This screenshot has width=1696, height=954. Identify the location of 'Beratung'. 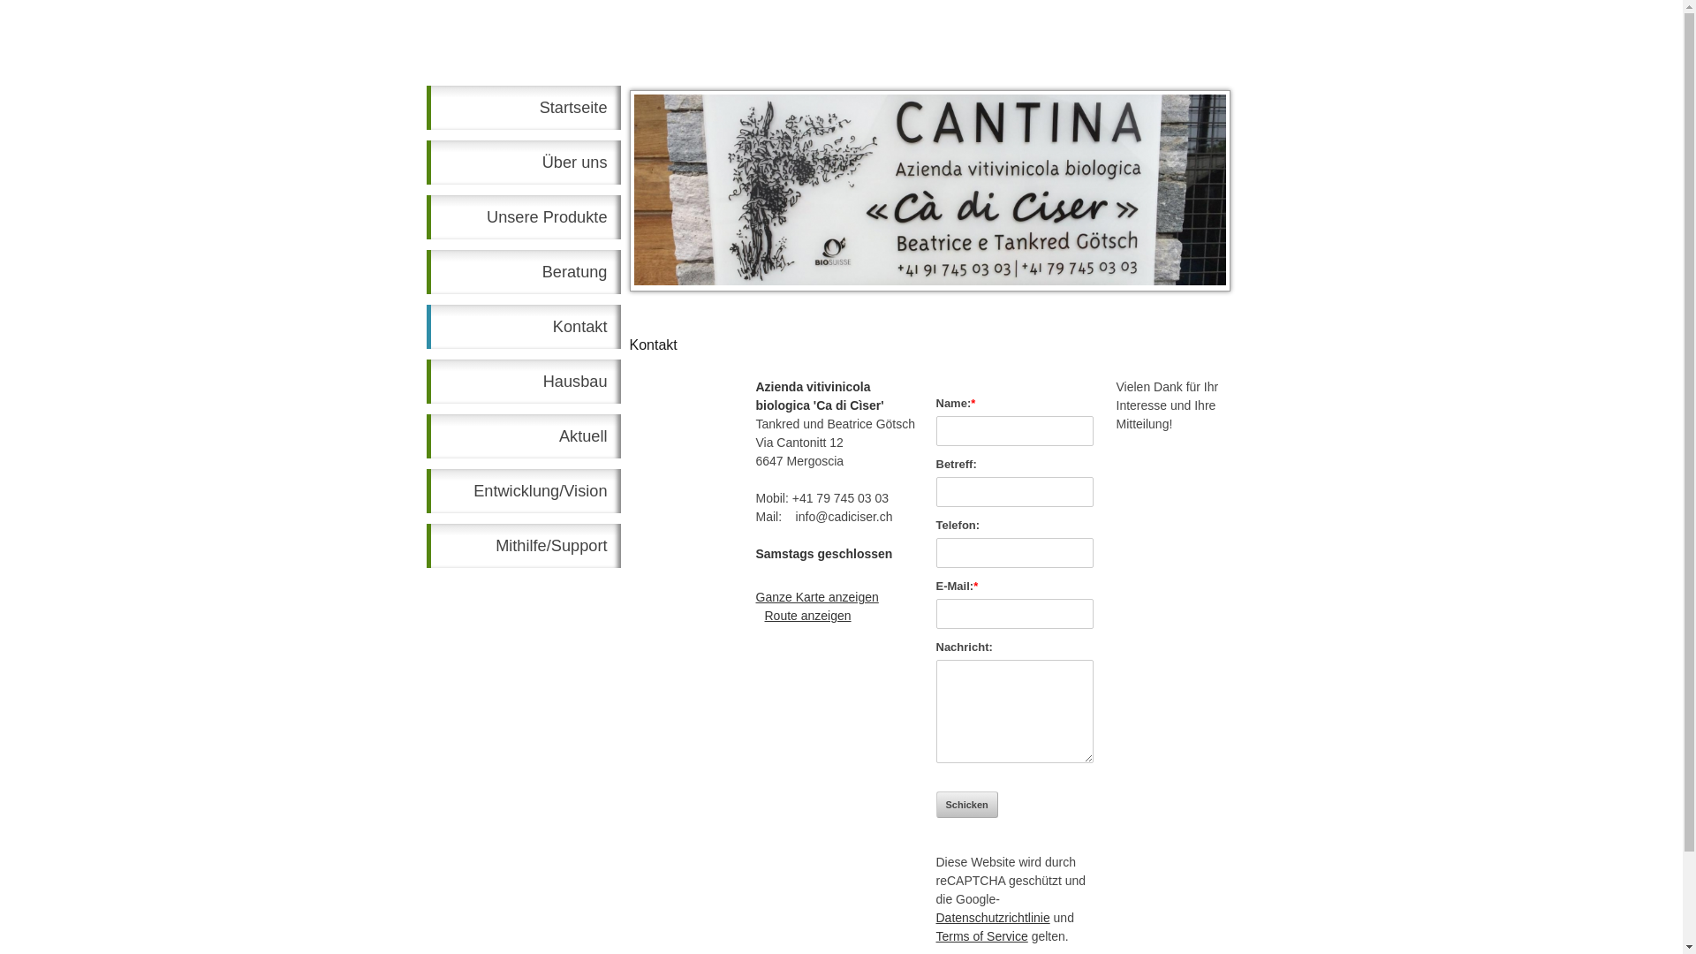
(425, 272).